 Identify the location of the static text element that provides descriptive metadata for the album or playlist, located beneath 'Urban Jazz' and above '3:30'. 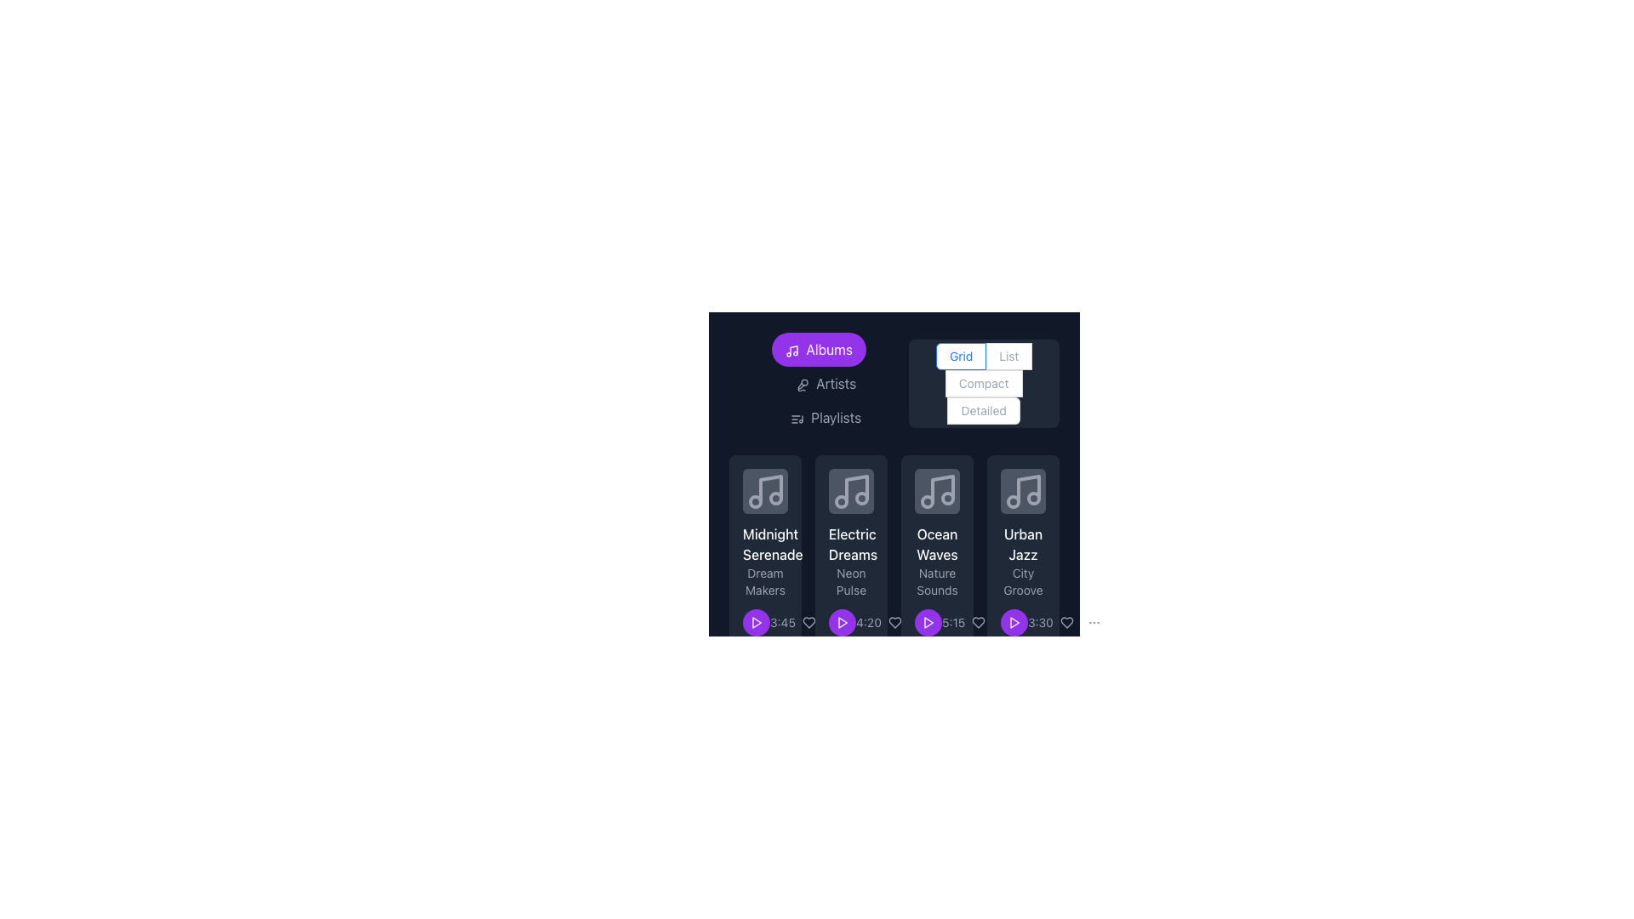
(1022, 580).